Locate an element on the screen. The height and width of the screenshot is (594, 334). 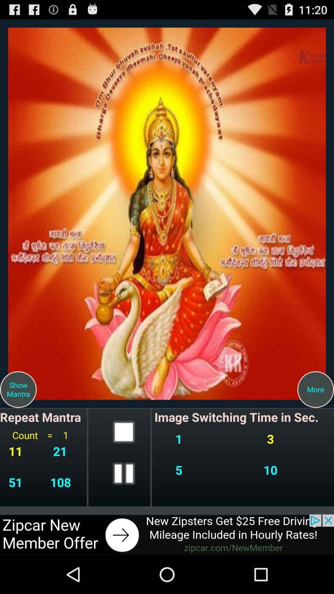
pause icon is located at coordinates (124, 473).